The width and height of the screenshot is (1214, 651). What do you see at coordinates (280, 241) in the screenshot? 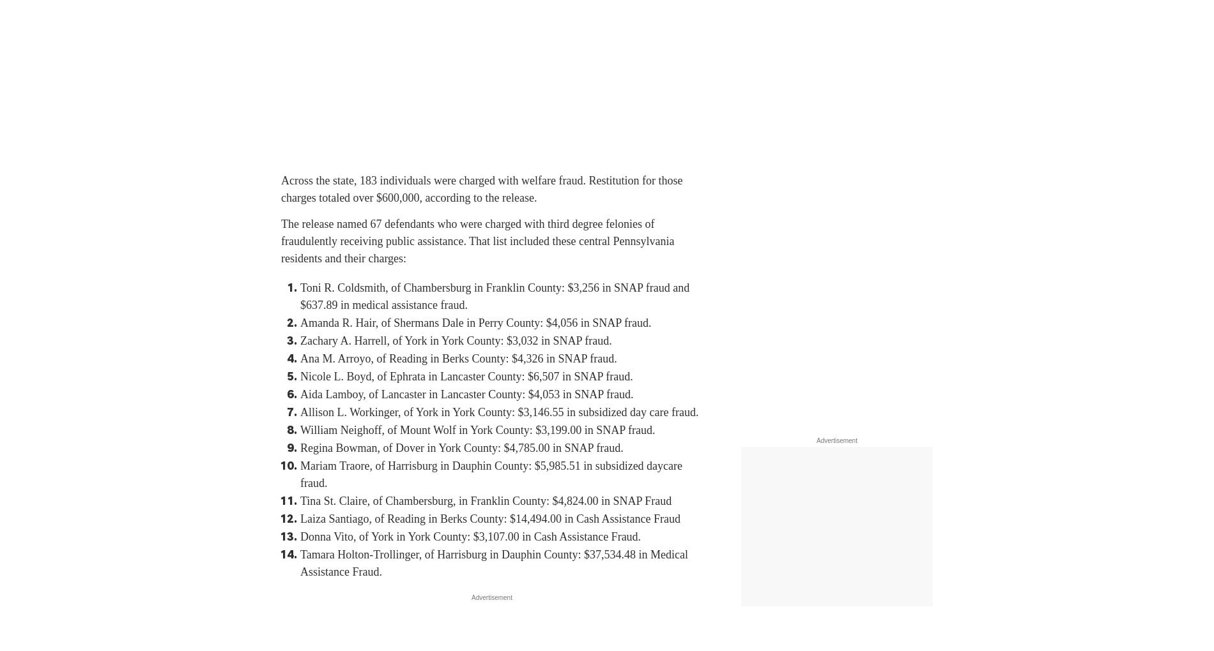
I see `'The release named 67 defendants who were charged with third degree felonies of fraudulently receiving public assistance. That list included these central Pennsylvania residents and their charges:'` at bounding box center [280, 241].